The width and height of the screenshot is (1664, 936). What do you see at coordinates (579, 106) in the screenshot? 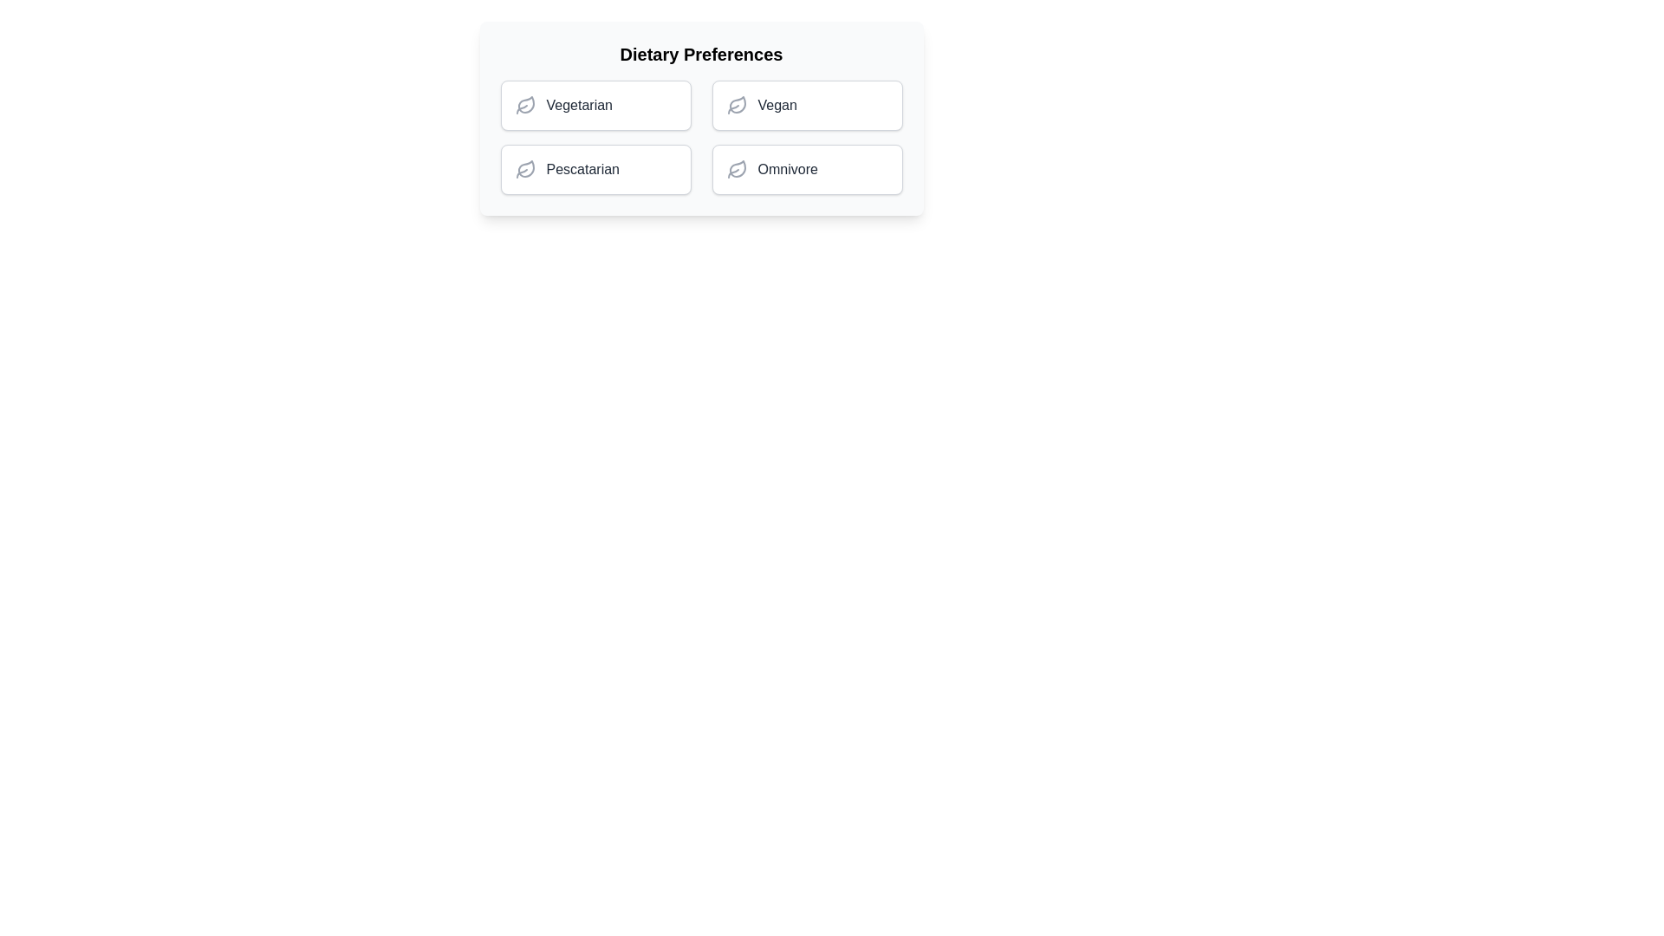
I see `the text label displaying 'Vegetarian' in the Dietary Preferences section, located beneath an icon` at bounding box center [579, 106].